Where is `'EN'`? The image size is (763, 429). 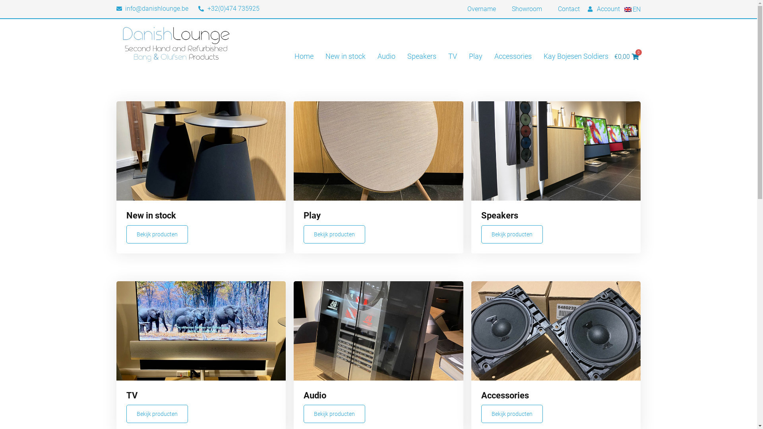
'EN' is located at coordinates (631, 9).